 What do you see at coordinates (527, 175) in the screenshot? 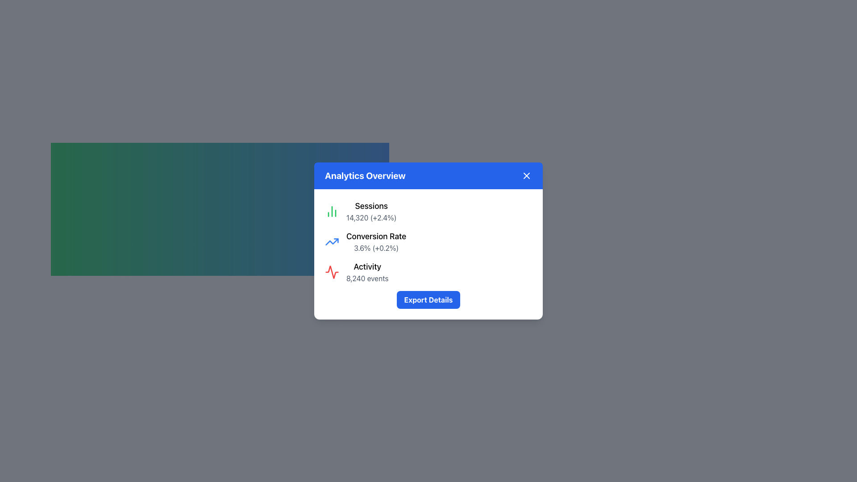
I see `the small square button with a blue background and an 'X' icon, located at the top-right corner of the 'Analytics Overview' panel heading` at bounding box center [527, 175].